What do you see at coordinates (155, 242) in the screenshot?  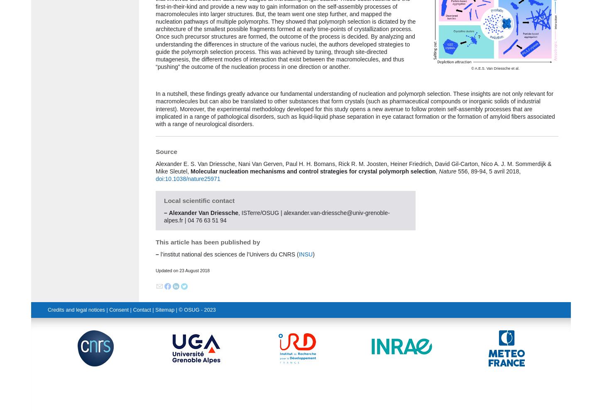 I see `'This article has been published by'` at bounding box center [155, 242].